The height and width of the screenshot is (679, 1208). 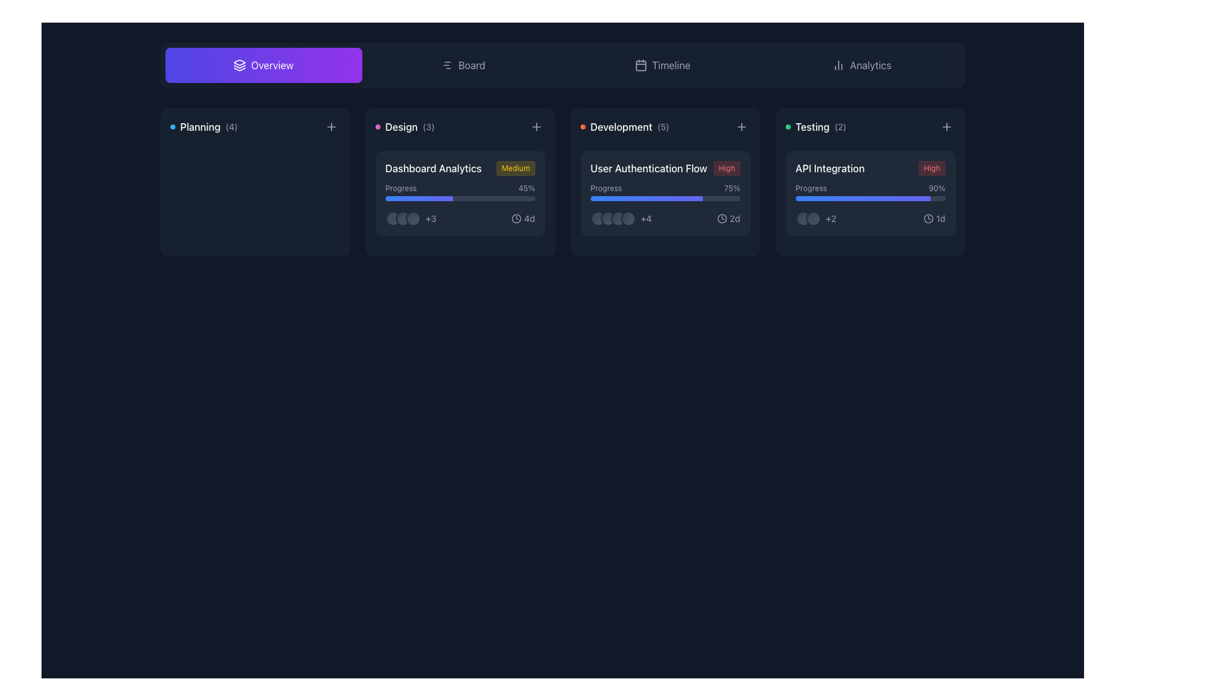 What do you see at coordinates (428, 126) in the screenshot?
I see `the third Text label element that indicates the quantity related to the 'Design' category, located to the right of the 'Design' label and following a decorative element` at bounding box center [428, 126].